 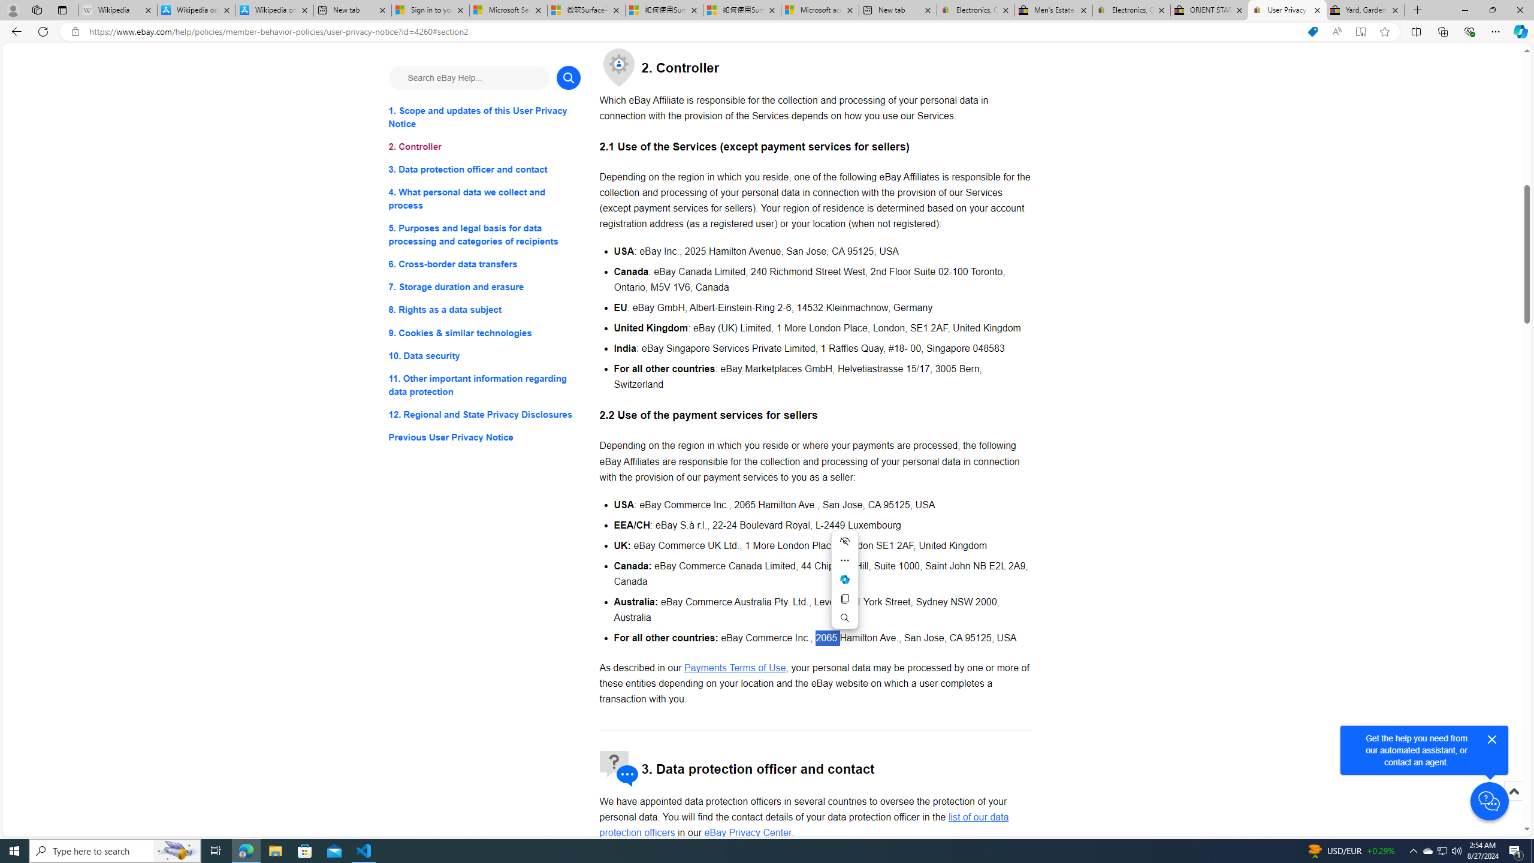 I want to click on 'Previous User Privacy Notice', so click(x=484, y=437).